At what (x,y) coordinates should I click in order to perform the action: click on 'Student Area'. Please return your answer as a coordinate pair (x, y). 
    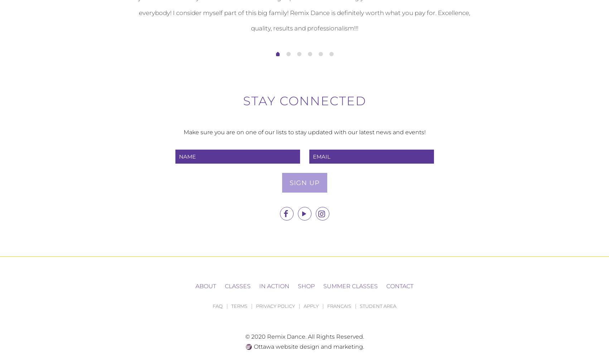
    Looking at the image, I should click on (378, 306).